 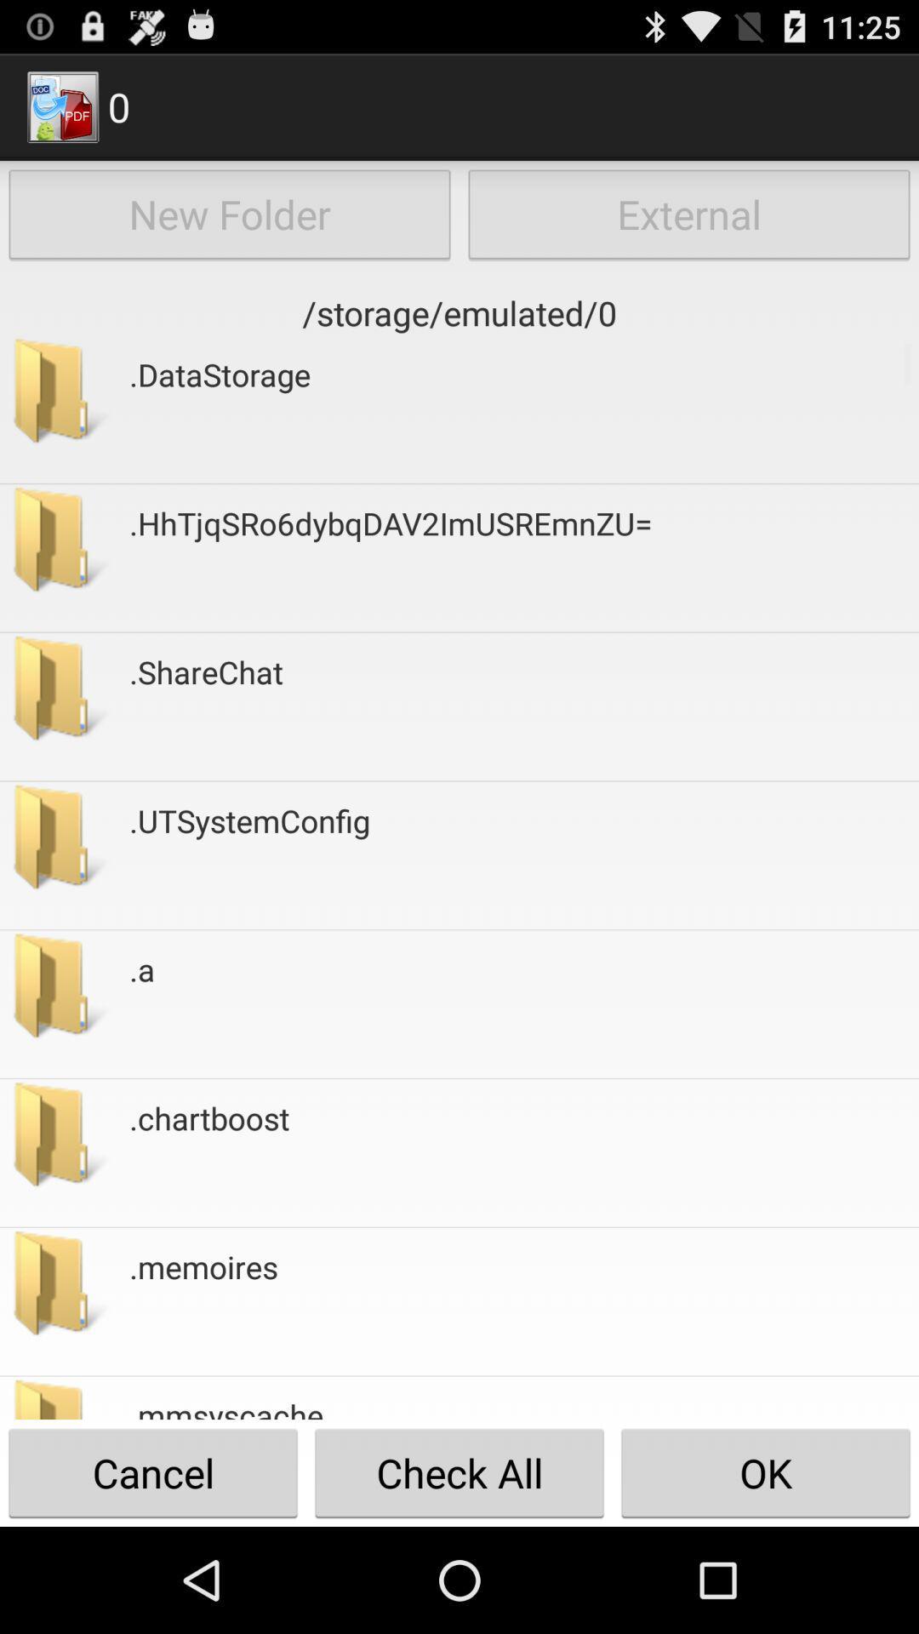 I want to click on the .mmsyscache app, so click(x=225, y=1407).